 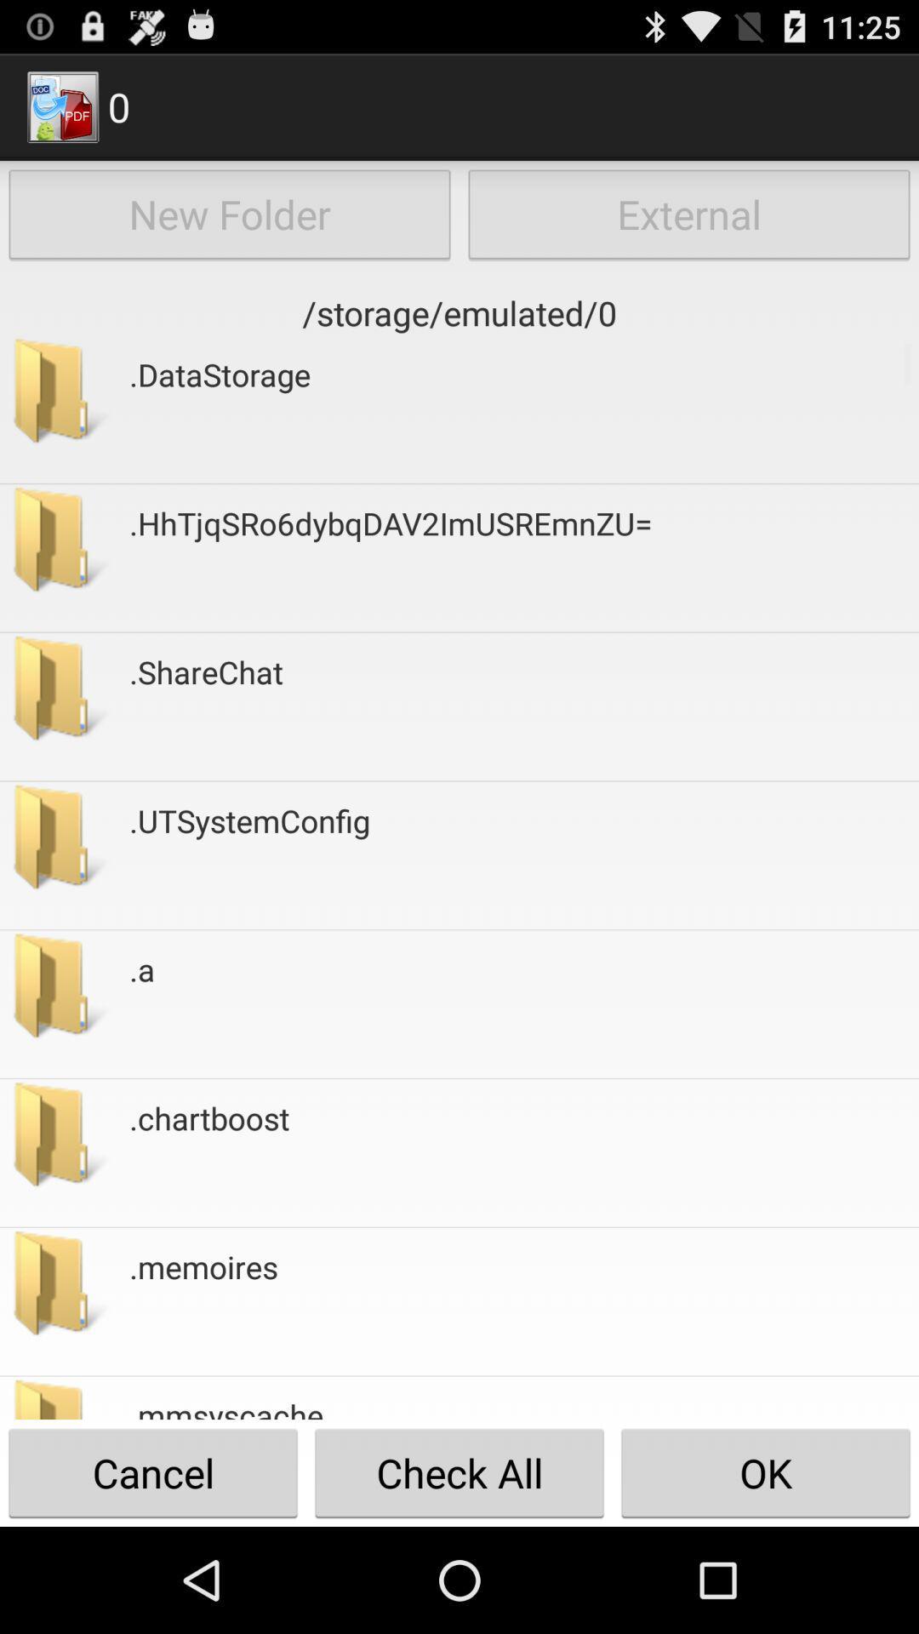 I want to click on the .mmsyscache app, so click(x=225, y=1407).